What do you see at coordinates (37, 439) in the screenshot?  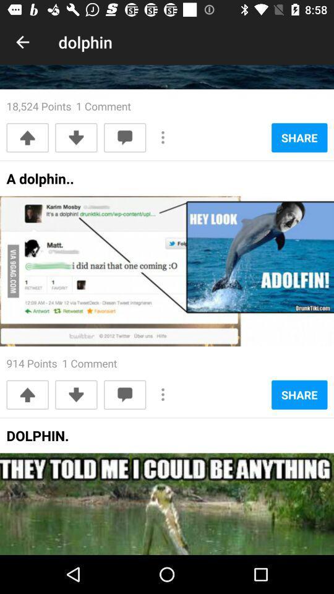 I see `the dolphin. at the bottom left corner` at bounding box center [37, 439].